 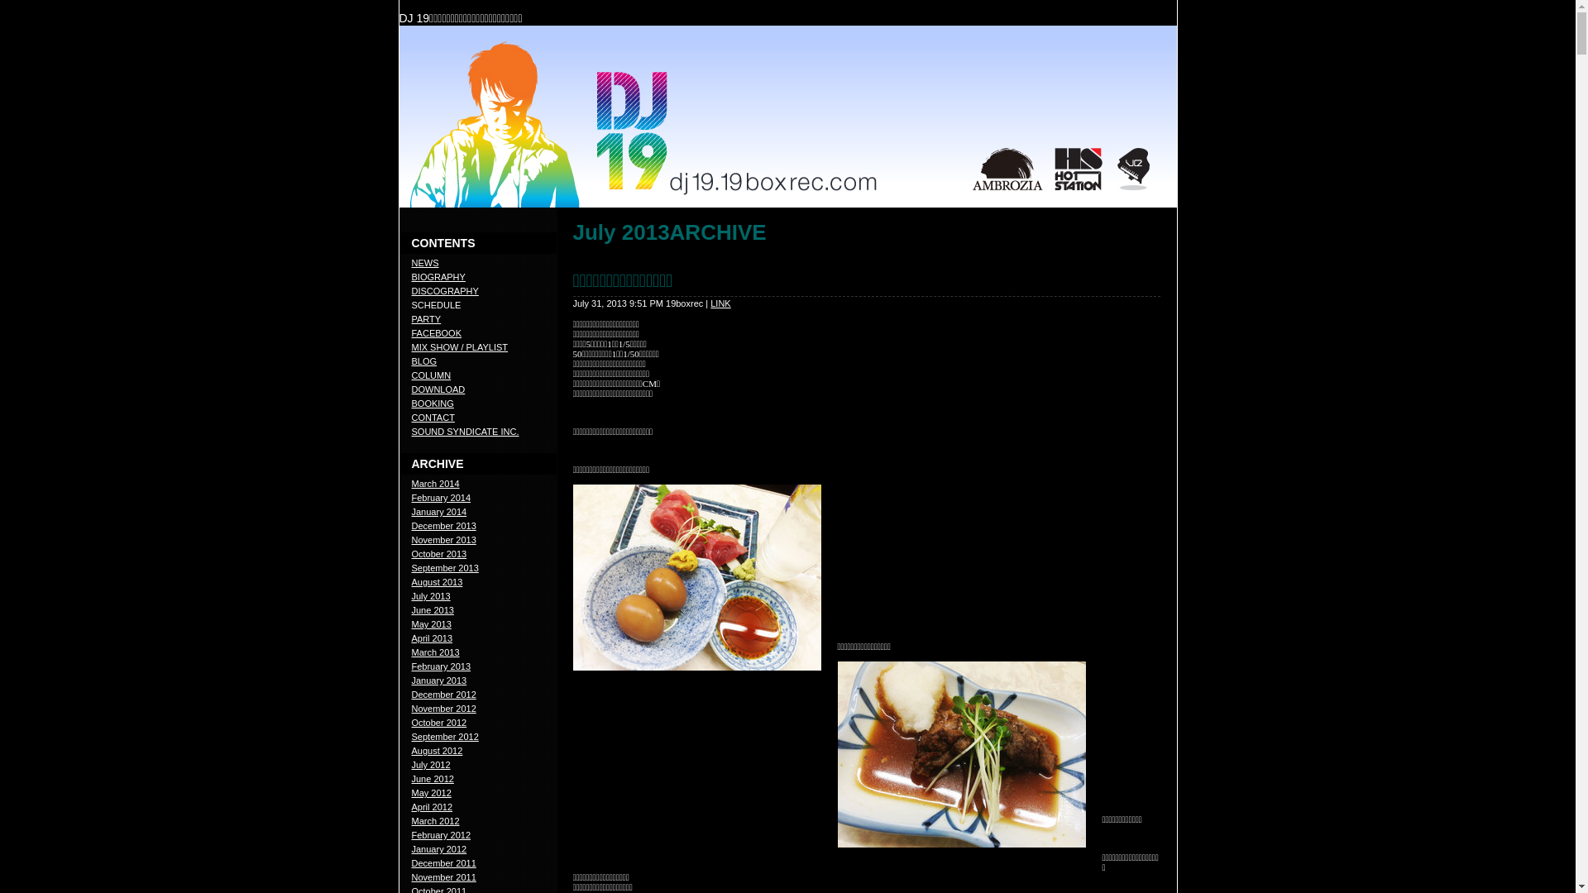 I want to click on 'FACEBOOK', so click(x=437, y=332).